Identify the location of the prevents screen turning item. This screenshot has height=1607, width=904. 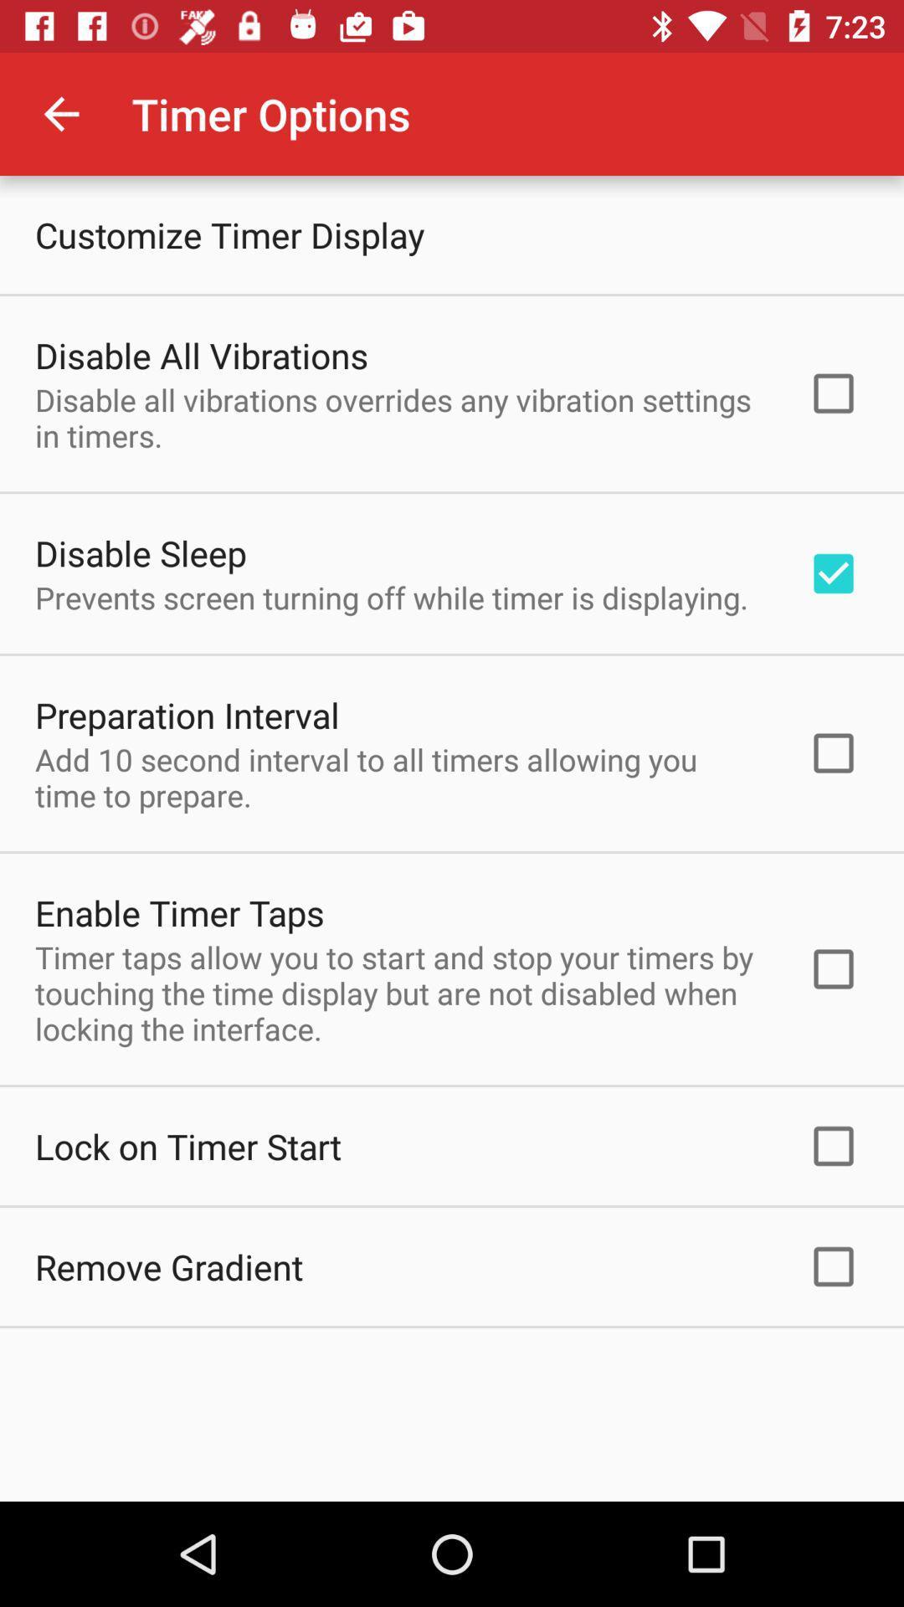
(391, 598).